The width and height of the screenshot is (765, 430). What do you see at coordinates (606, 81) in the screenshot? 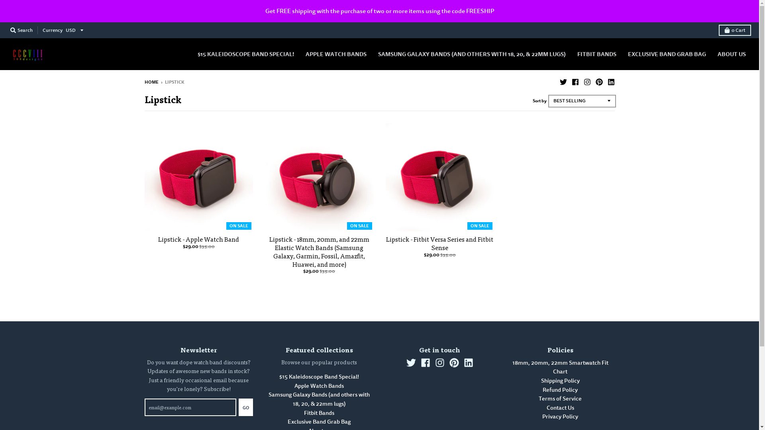
I see `'LinkedIn - 308designs - CCCVIII'` at bounding box center [606, 81].